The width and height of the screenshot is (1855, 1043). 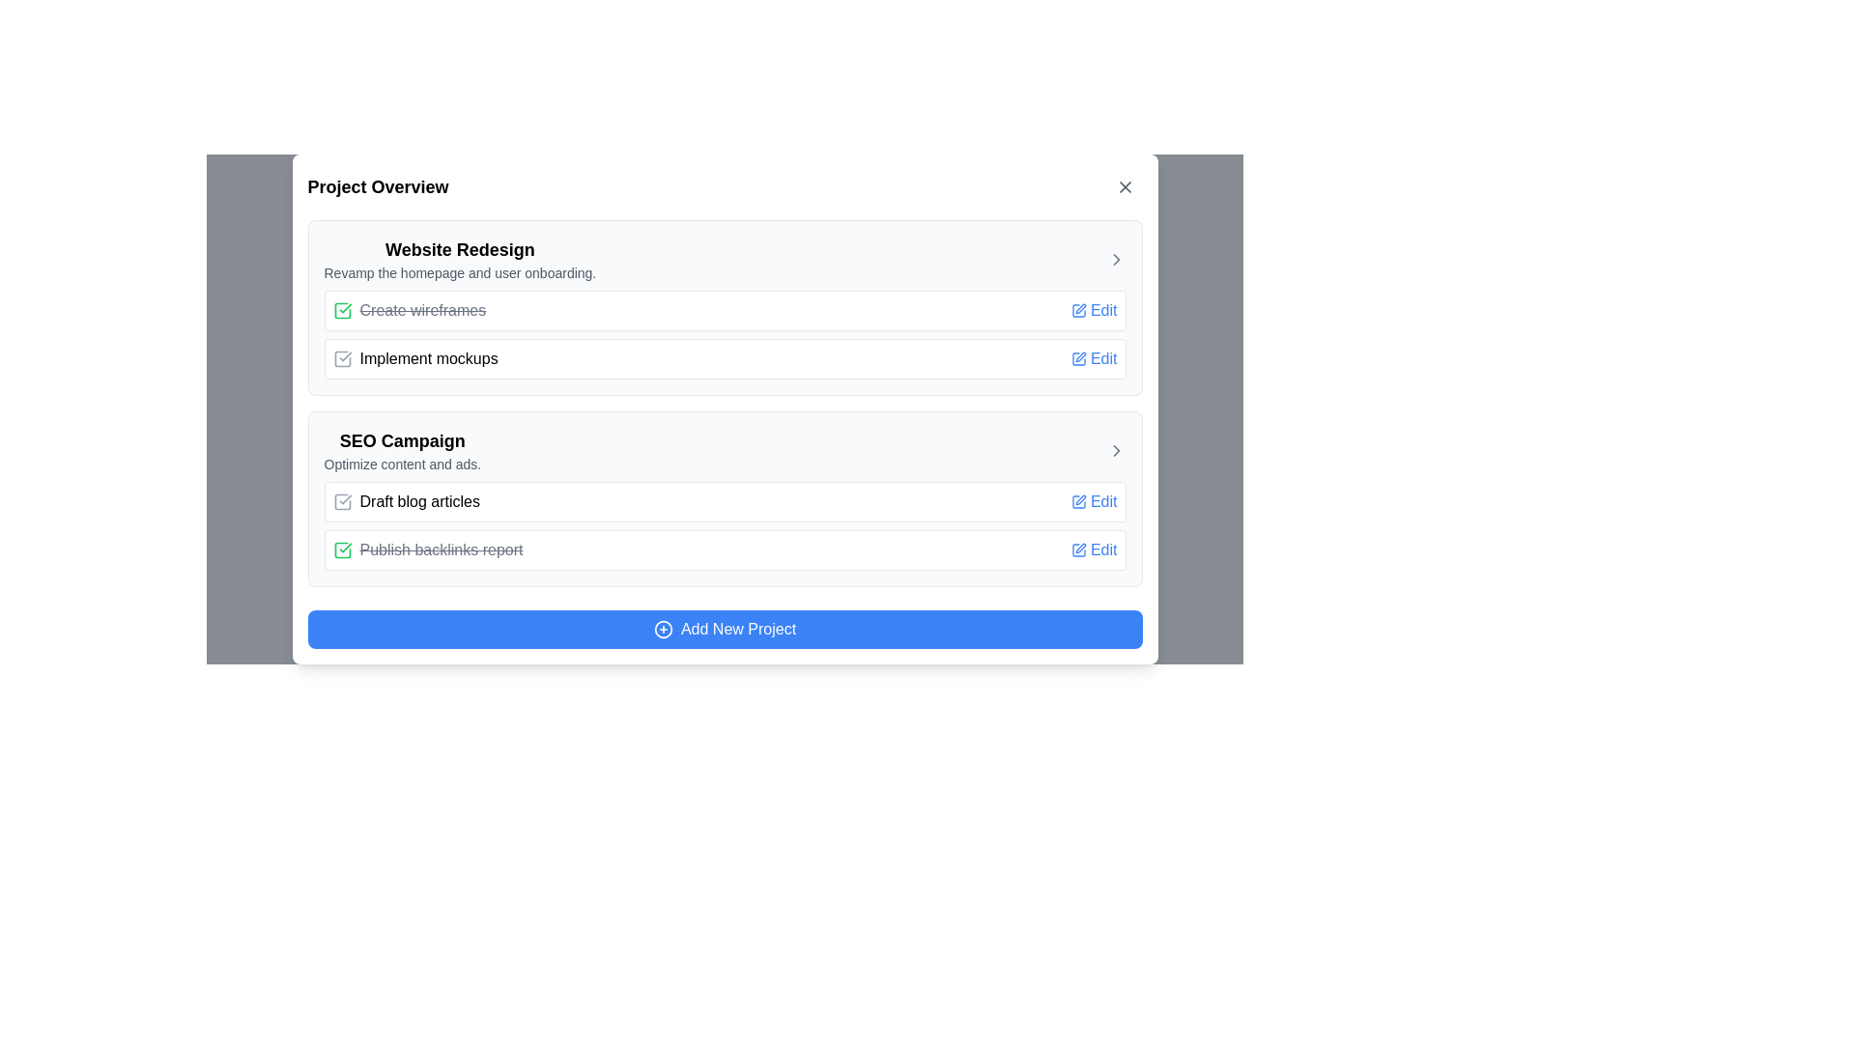 I want to click on descriptive text located within the task card labeled 'Website Redesign', positioned beneath the header text 'Website Redesign' and above listed tasks, so click(x=459, y=272).